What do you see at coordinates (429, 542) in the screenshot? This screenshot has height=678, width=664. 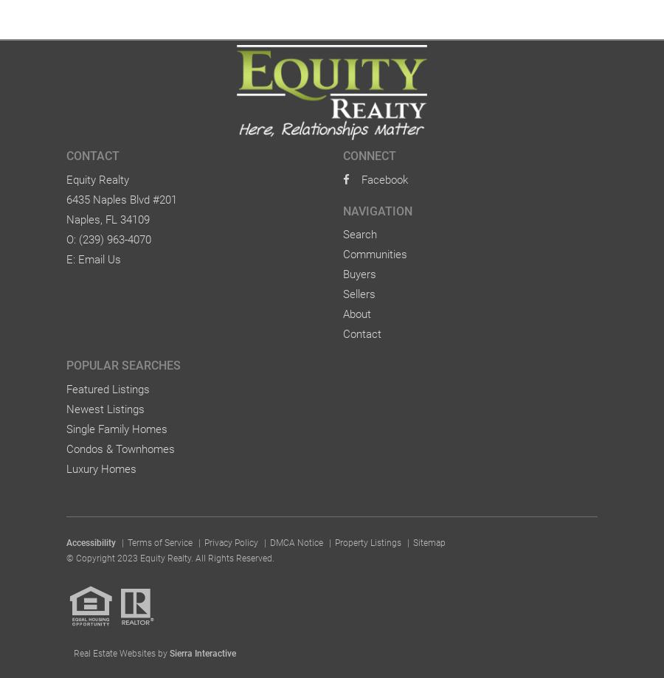 I see `'Sitemap'` at bounding box center [429, 542].